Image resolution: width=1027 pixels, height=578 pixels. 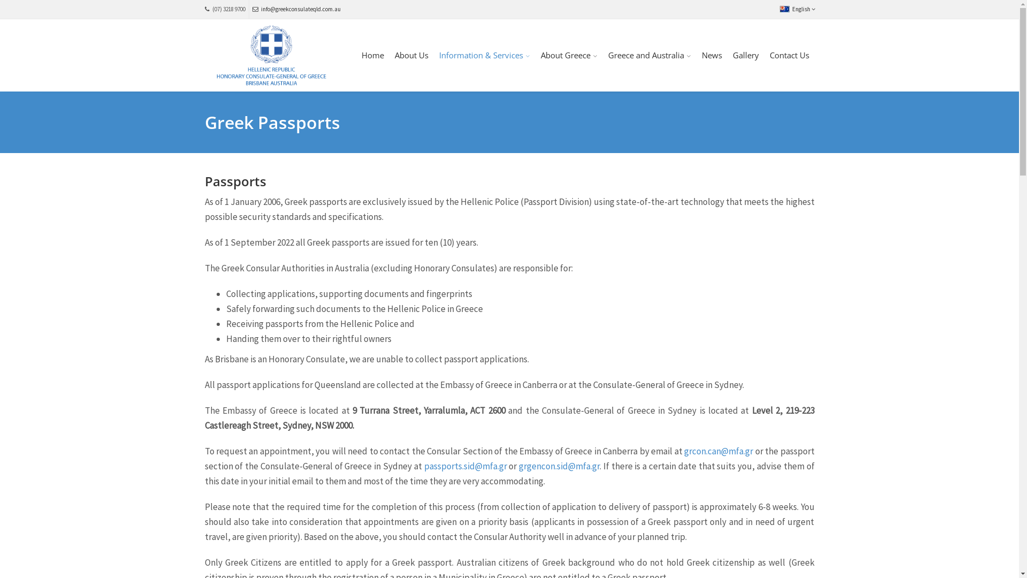 What do you see at coordinates (411, 55) in the screenshot?
I see `'About Us'` at bounding box center [411, 55].